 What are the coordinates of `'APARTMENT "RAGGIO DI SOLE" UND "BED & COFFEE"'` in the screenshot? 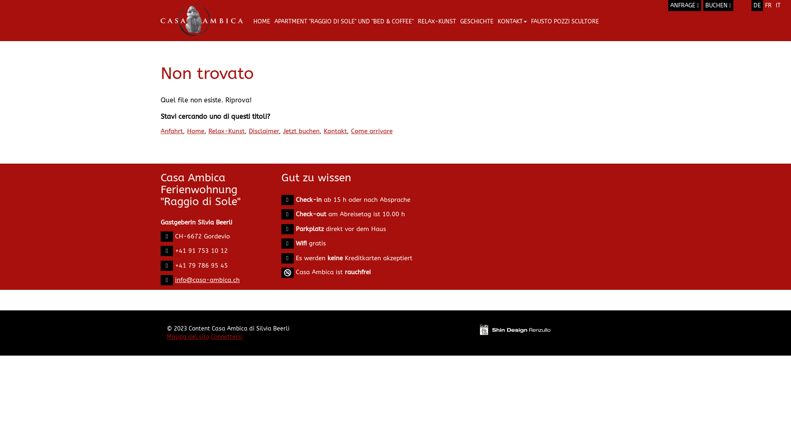 It's located at (344, 21).